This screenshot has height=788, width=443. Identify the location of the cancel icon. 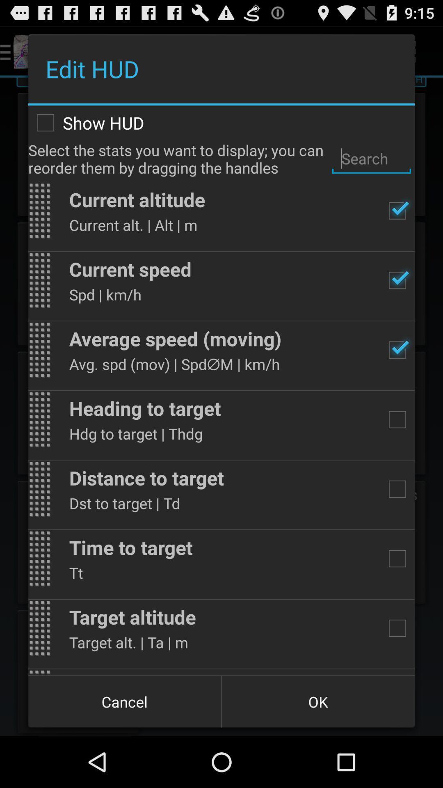
(125, 701).